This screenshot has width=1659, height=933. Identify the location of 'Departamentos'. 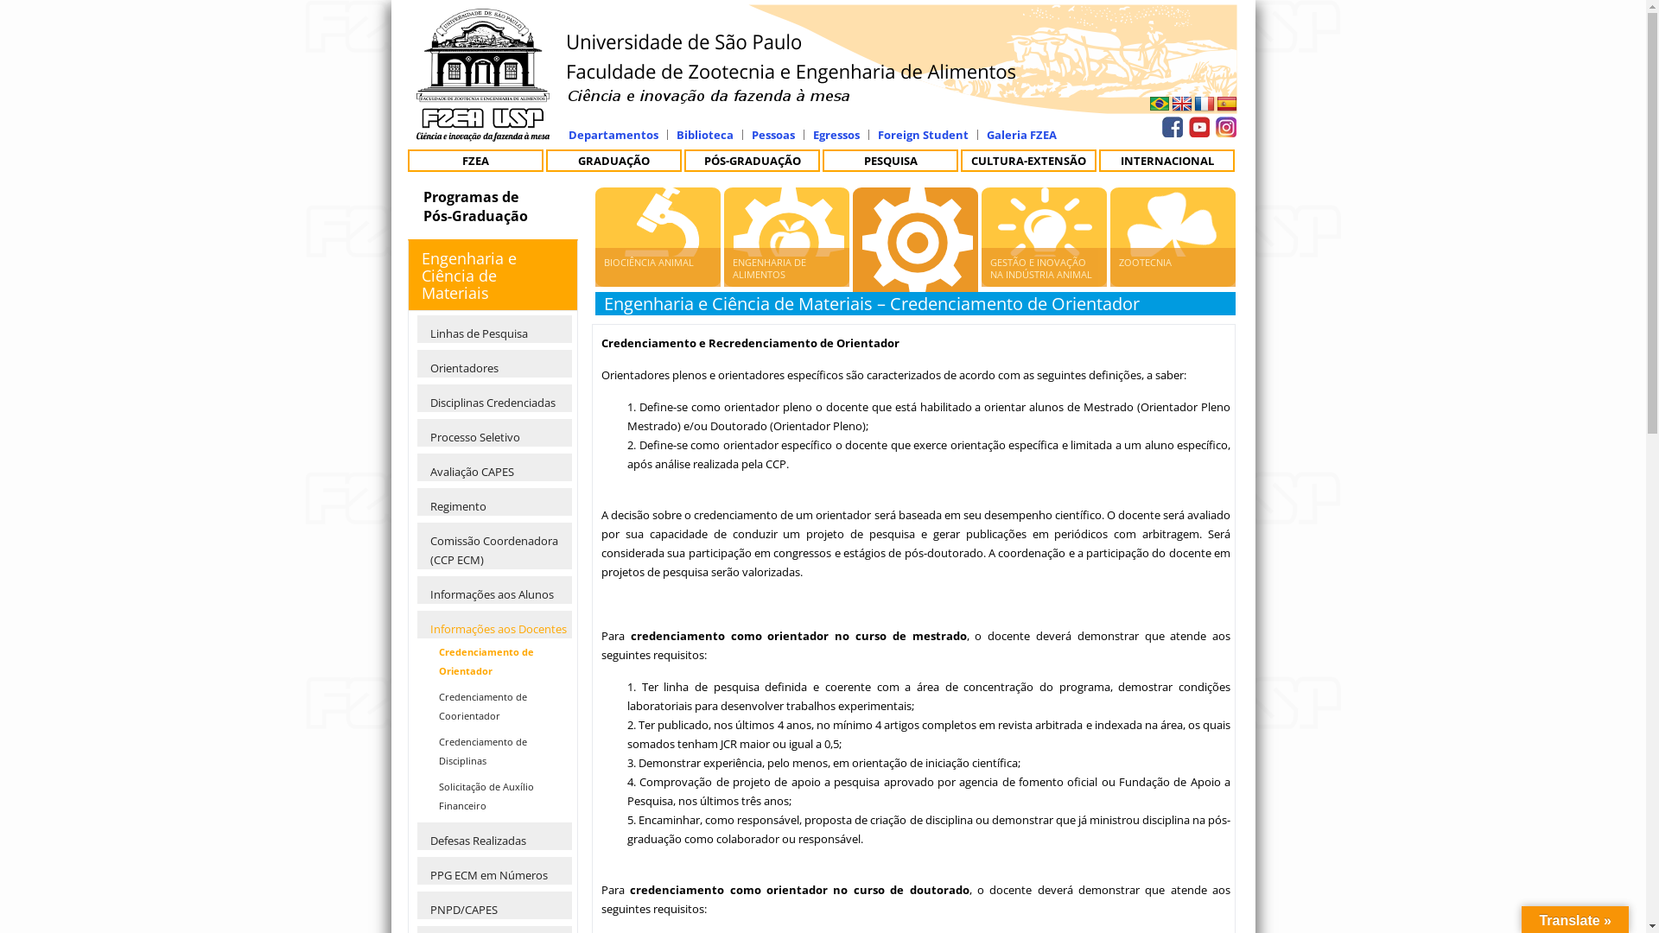
(613, 132).